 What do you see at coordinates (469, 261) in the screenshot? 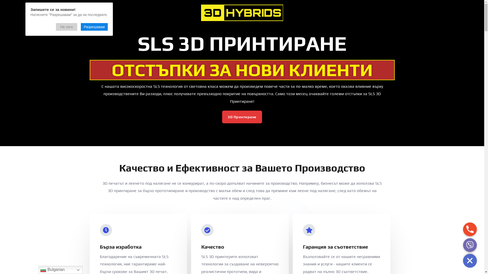
I see `'Hide Chaty'` at bounding box center [469, 261].